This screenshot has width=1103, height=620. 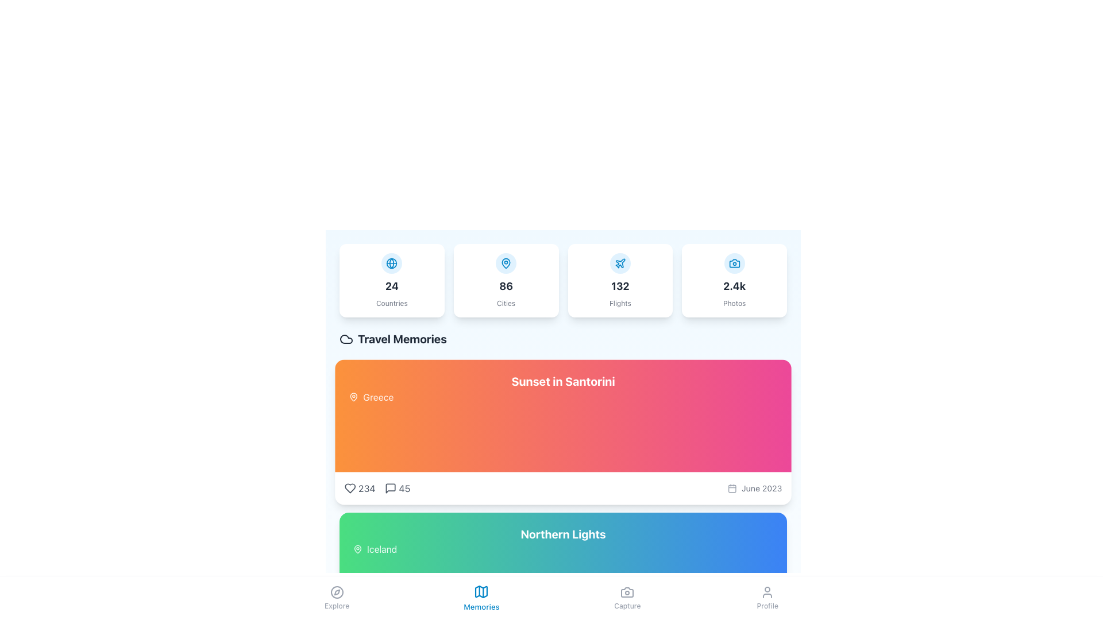 What do you see at coordinates (391, 488) in the screenshot?
I see `the icon located within the horizontal grouping at the bottom of the card labeled 'Sunset in Santorini', positioned` at bounding box center [391, 488].